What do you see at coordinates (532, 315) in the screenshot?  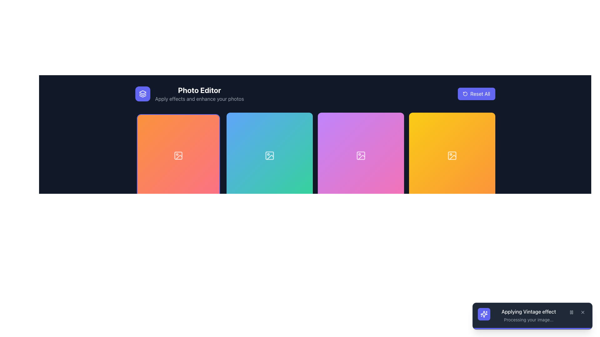 I see `the Notification panel displaying 'Applying Vintage effect' with a dark background, located at the bottom-right corner of the interface, for tooltip or interaction effects` at bounding box center [532, 315].